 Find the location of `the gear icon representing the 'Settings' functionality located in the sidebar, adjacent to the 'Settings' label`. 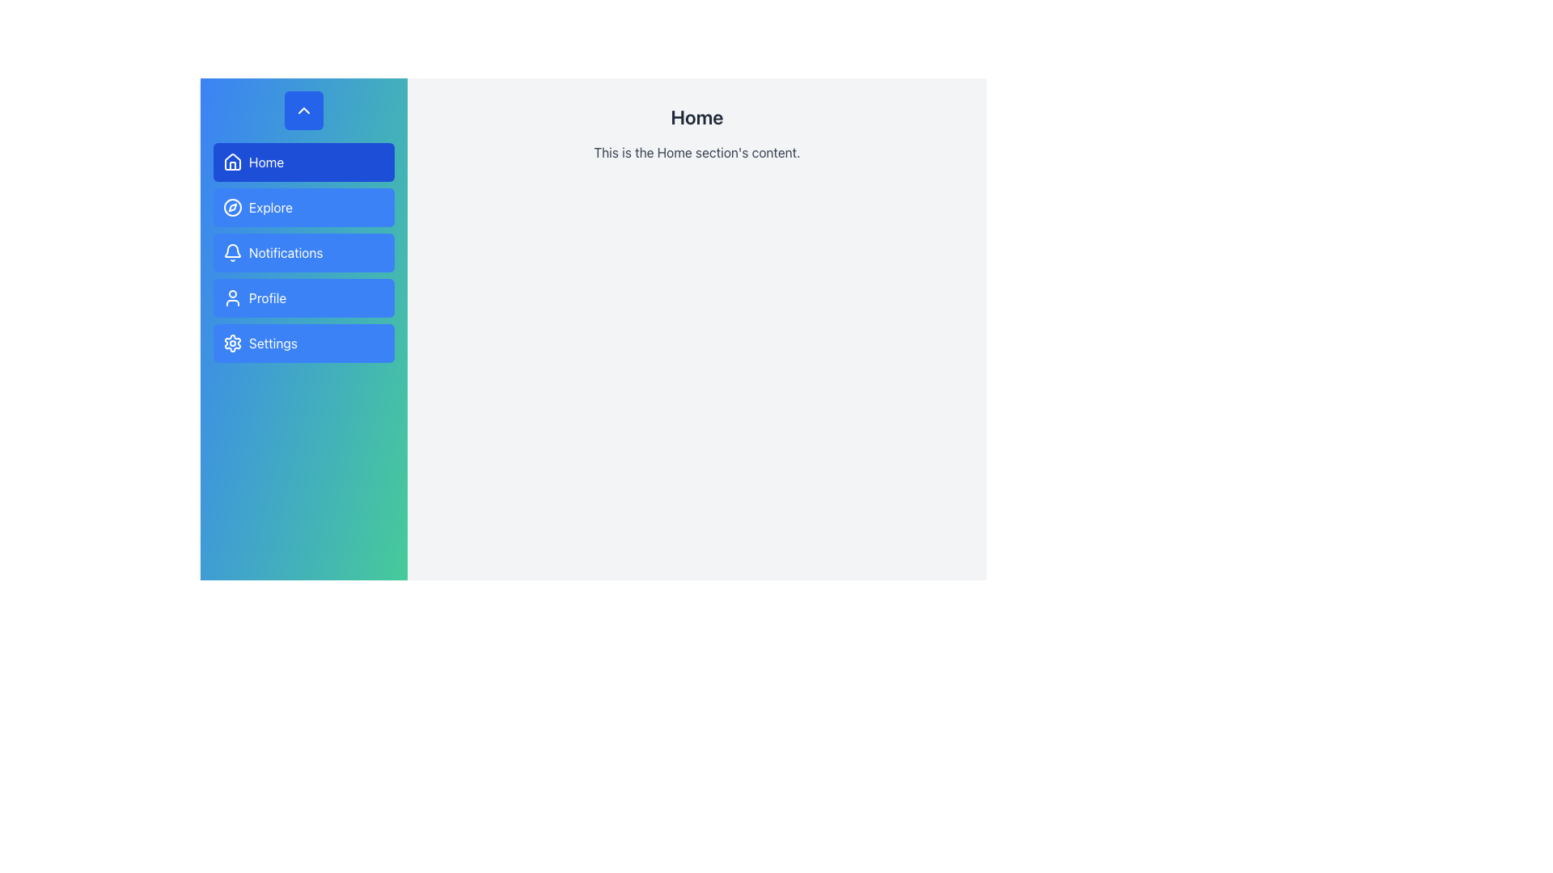

the gear icon representing the 'Settings' functionality located in the sidebar, adjacent to the 'Settings' label is located at coordinates (232, 342).